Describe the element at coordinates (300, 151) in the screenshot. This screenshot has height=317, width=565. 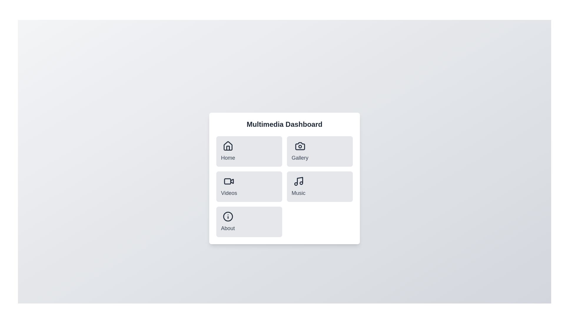
I see `the menu item corresponding to Gallery` at that location.